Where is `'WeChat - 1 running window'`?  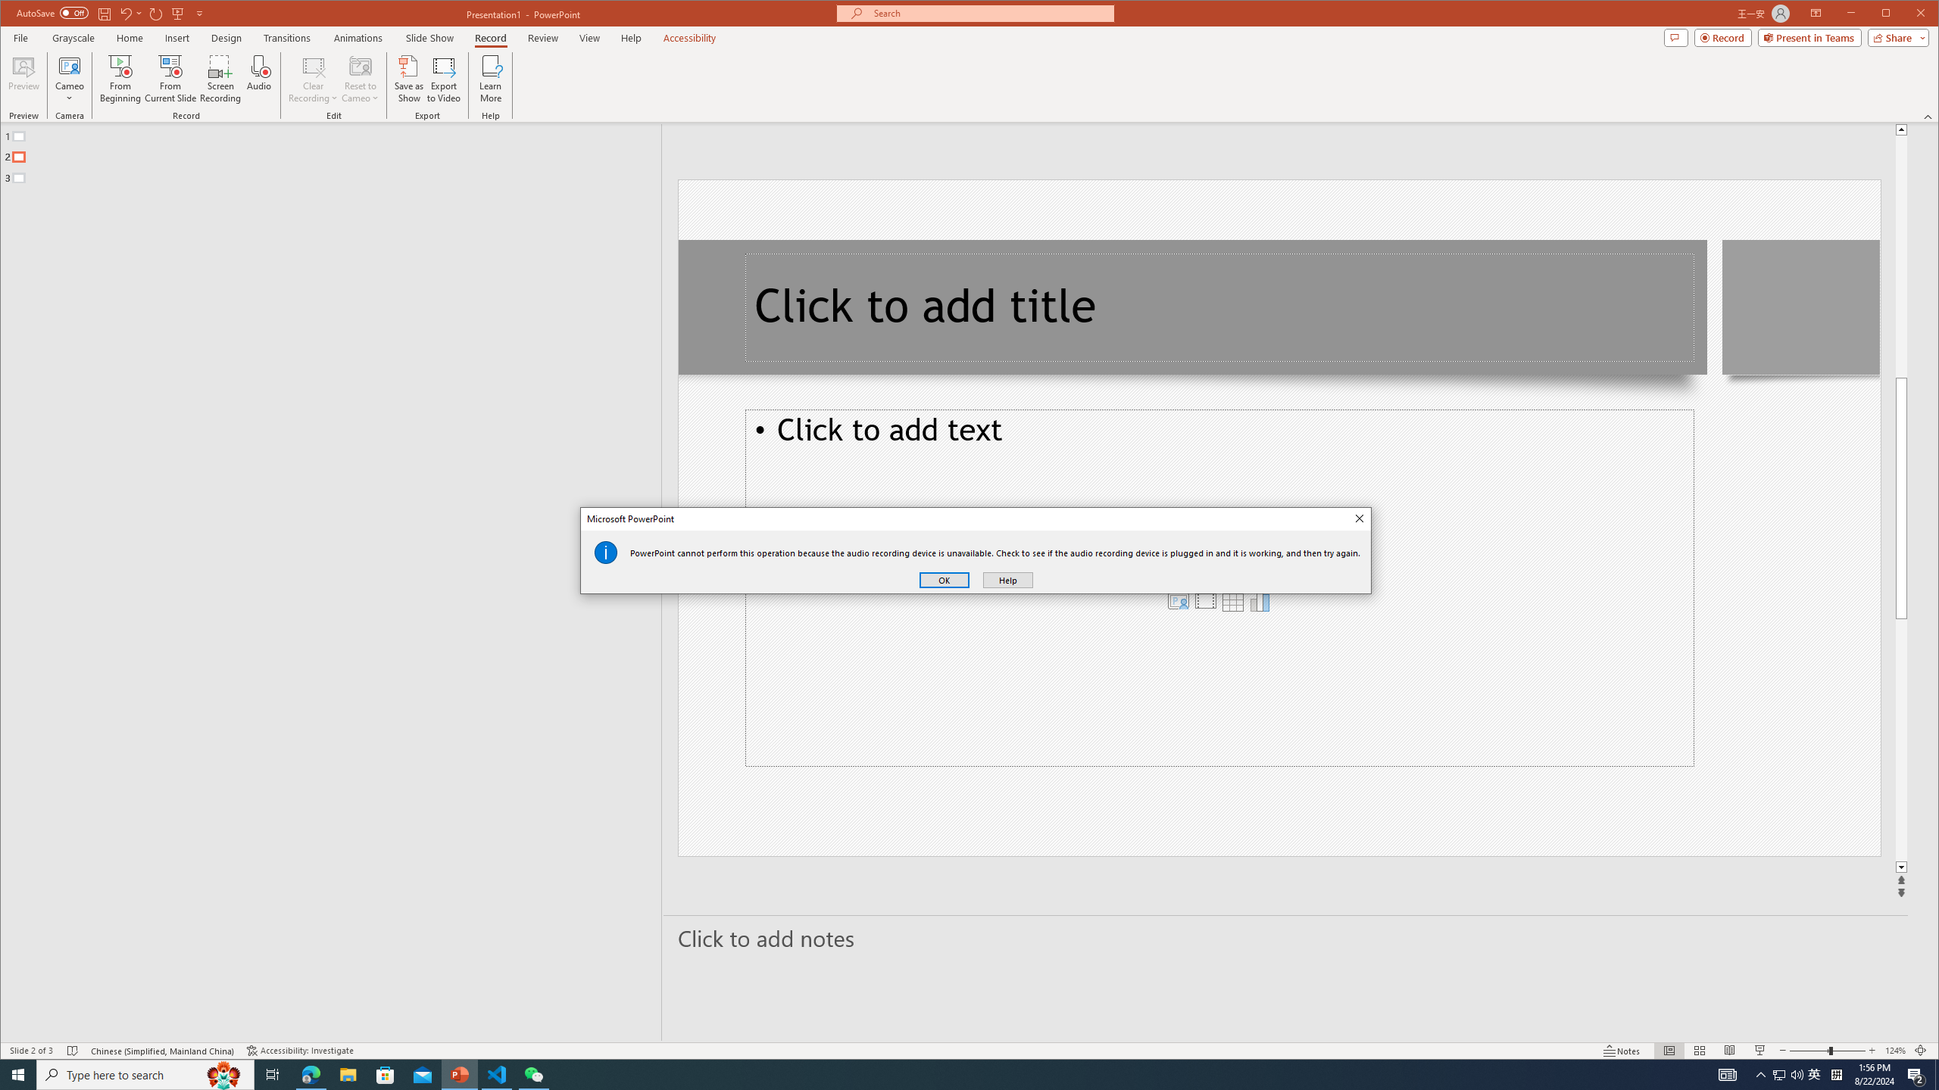
'WeChat - 1 running window' is located at coordinates (534, 1073).